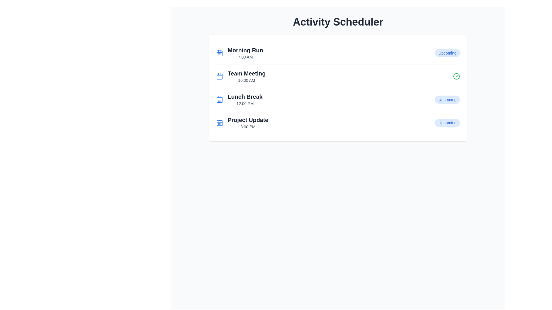 Image resolution: width=552 pixels, height=310 pixels. What do you see at coordinates (245, 96) in the screenshot?
I see `the text element that displays 'Lunch Break' in bold, large dark gray font` at bounding box center [245, 96].